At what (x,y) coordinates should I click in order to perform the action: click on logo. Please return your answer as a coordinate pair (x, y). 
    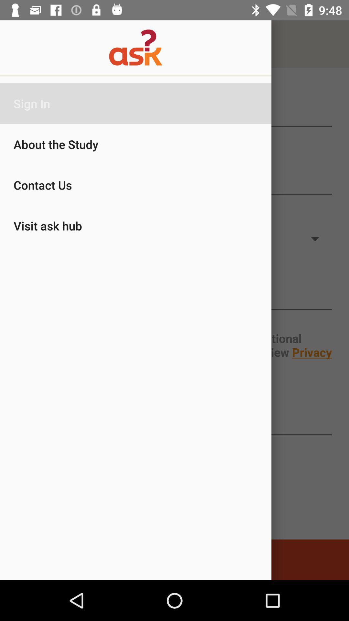
    Looking at the image, I should click on (174, 44).